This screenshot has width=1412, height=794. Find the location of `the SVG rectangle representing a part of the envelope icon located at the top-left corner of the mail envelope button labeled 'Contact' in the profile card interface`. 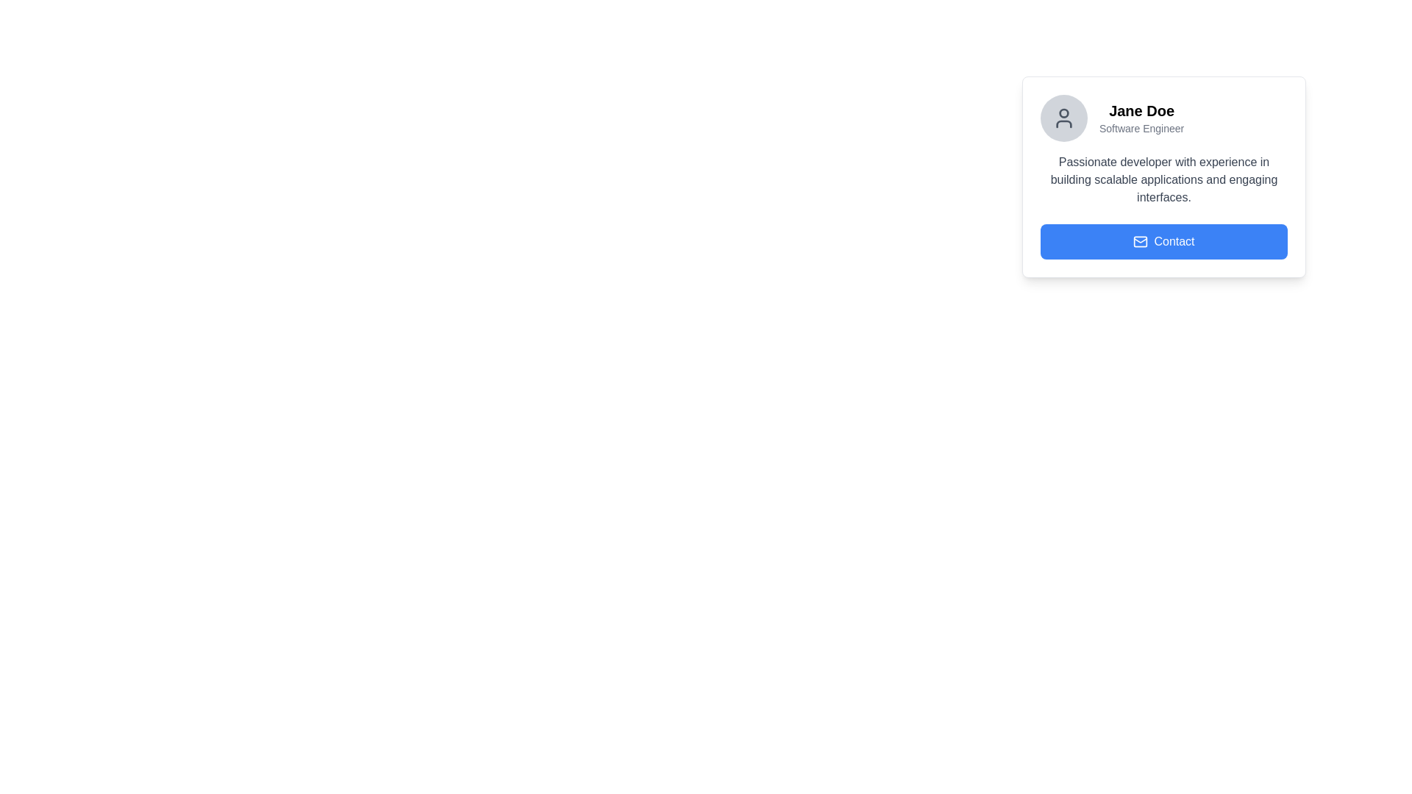

the SVG rectangle representing a part of the envelope icon located at the top-left corner of the mail envelope button labeled 'Contact' in the profile card interface is located at coordinates (1140, 240).